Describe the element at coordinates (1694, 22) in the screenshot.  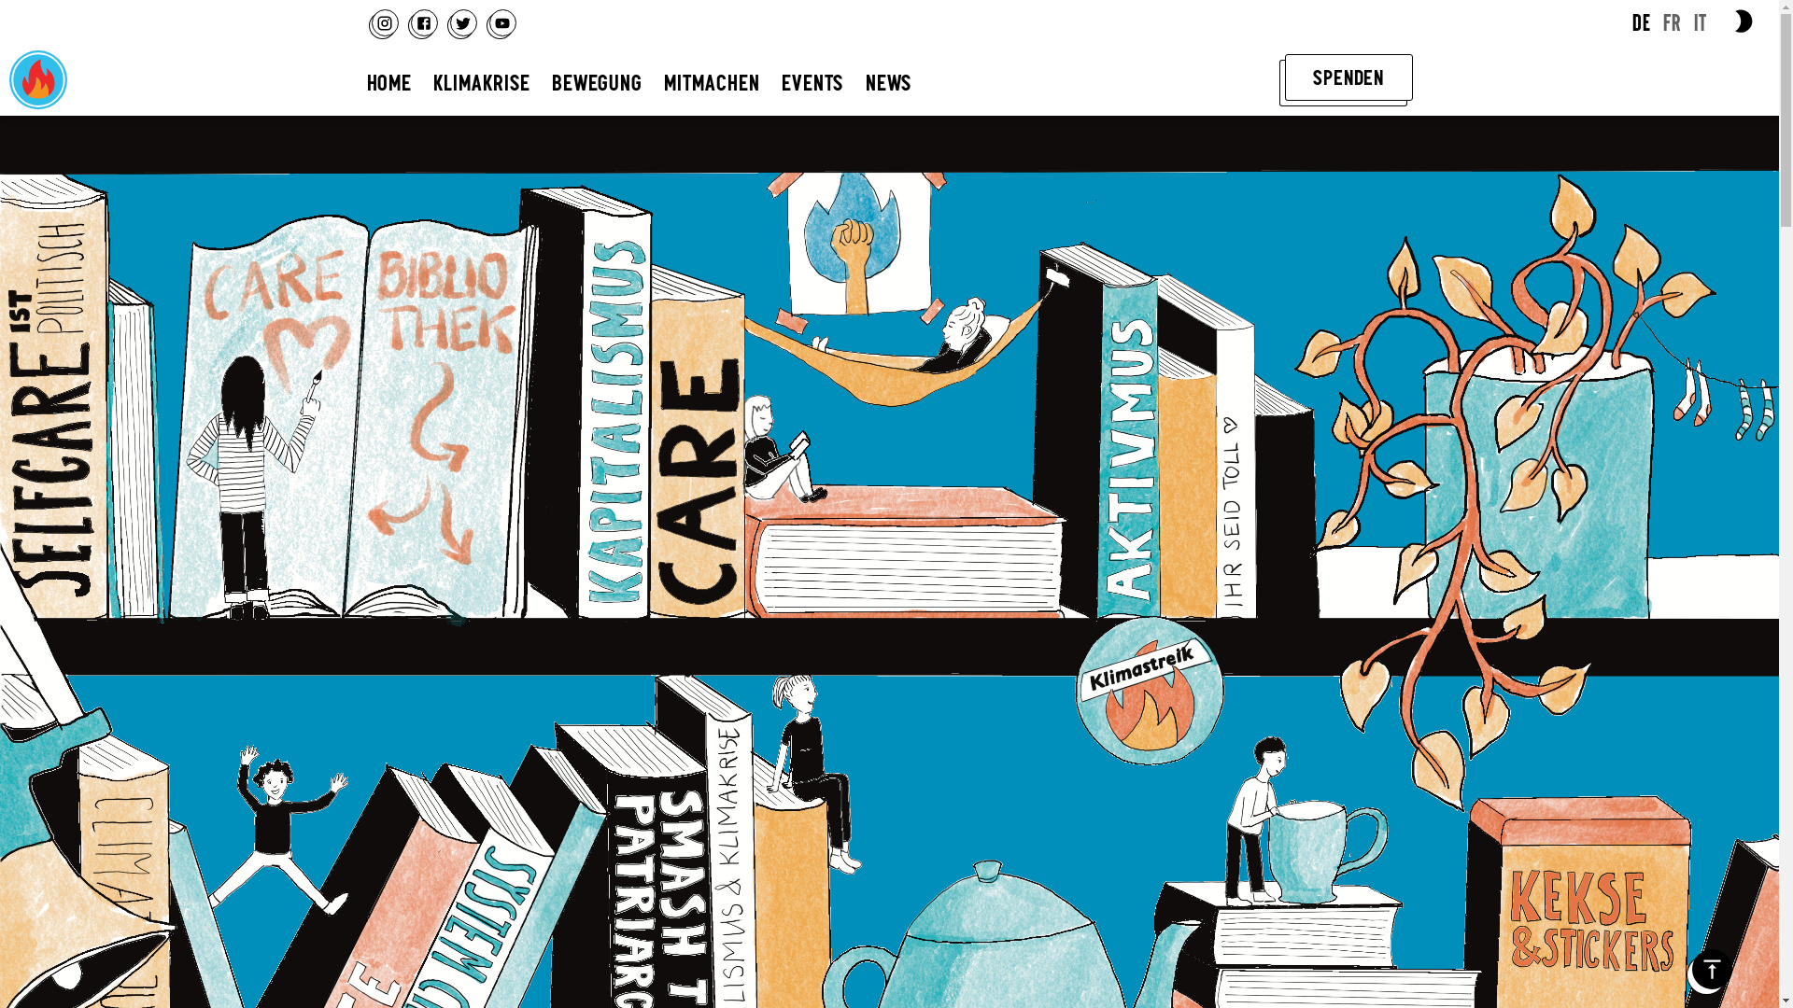
I see `'IT'` at that location.